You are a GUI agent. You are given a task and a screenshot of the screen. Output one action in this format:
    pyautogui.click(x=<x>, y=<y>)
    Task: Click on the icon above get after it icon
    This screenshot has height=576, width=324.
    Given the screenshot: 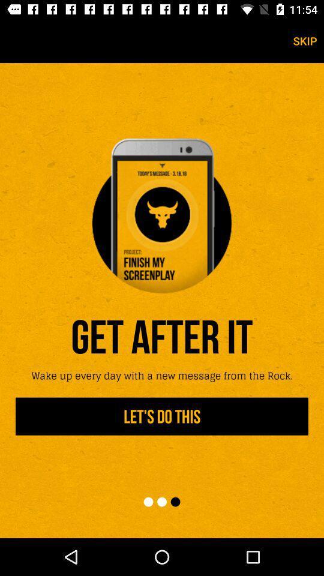 What is the action you would take?
    pyautogui.click(x=162, y=215)
    